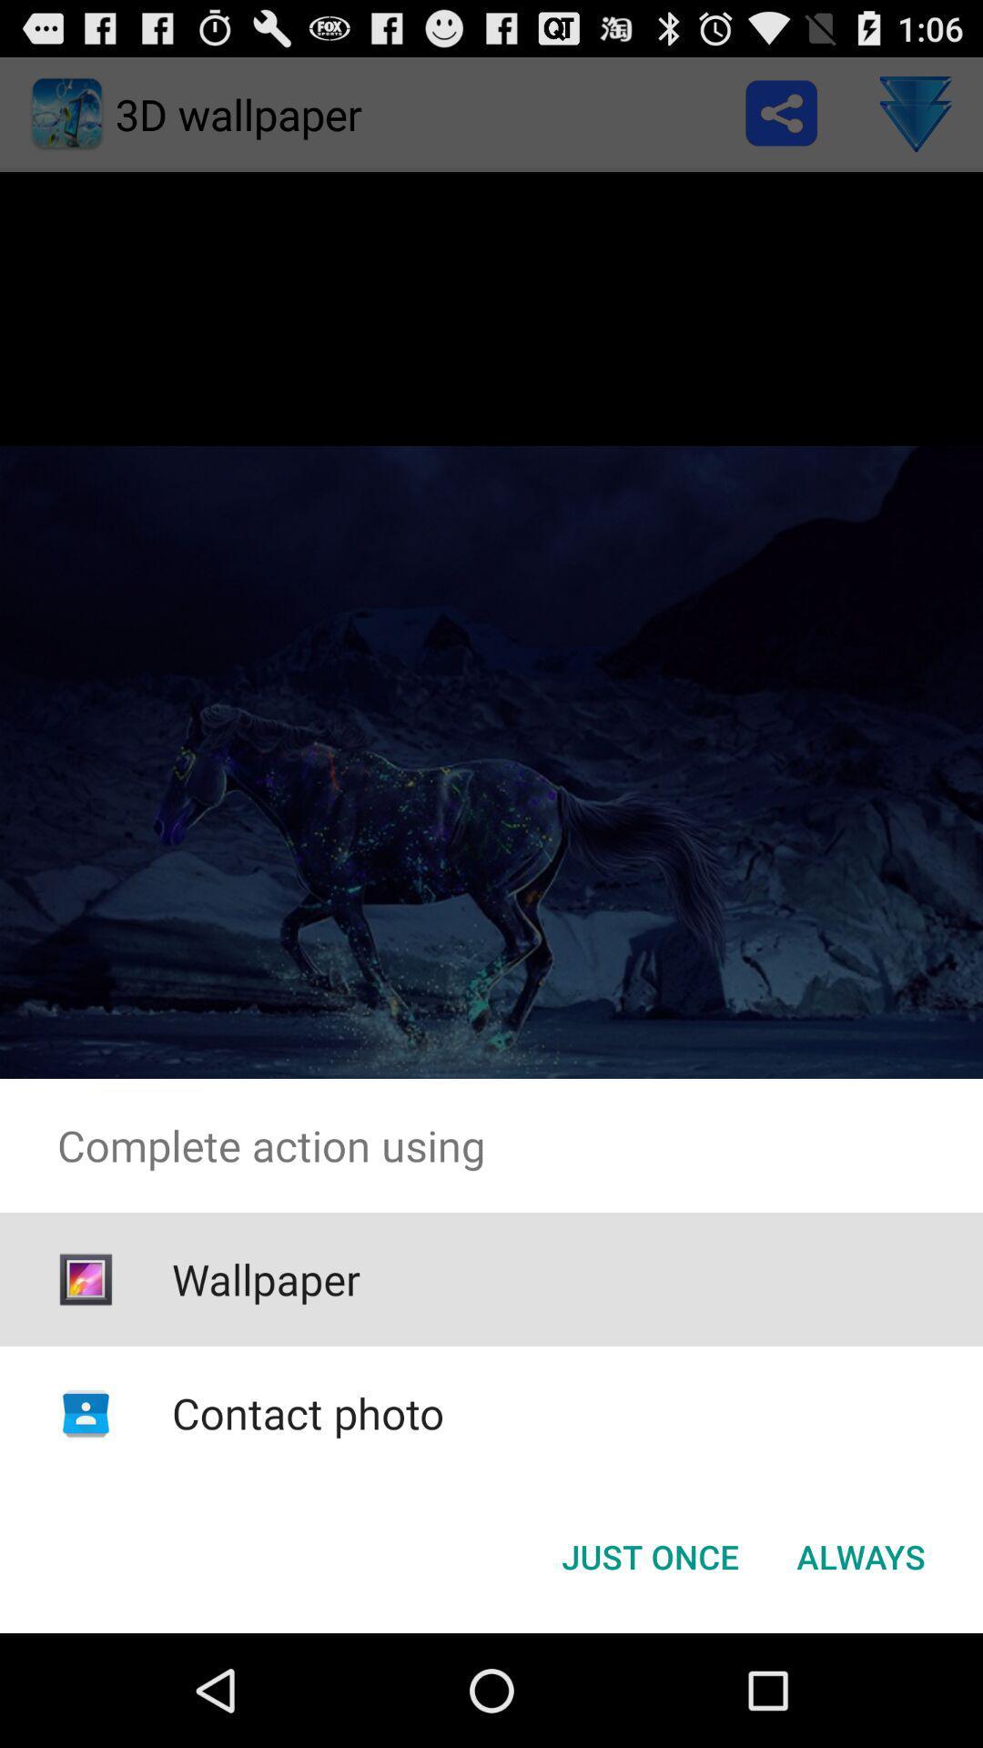 The height and width of the screenshot is (1748, 983). Describe the element at coordinates (860, 1555) in the screenshot. I see `the item at the bottom right corner` at that location.